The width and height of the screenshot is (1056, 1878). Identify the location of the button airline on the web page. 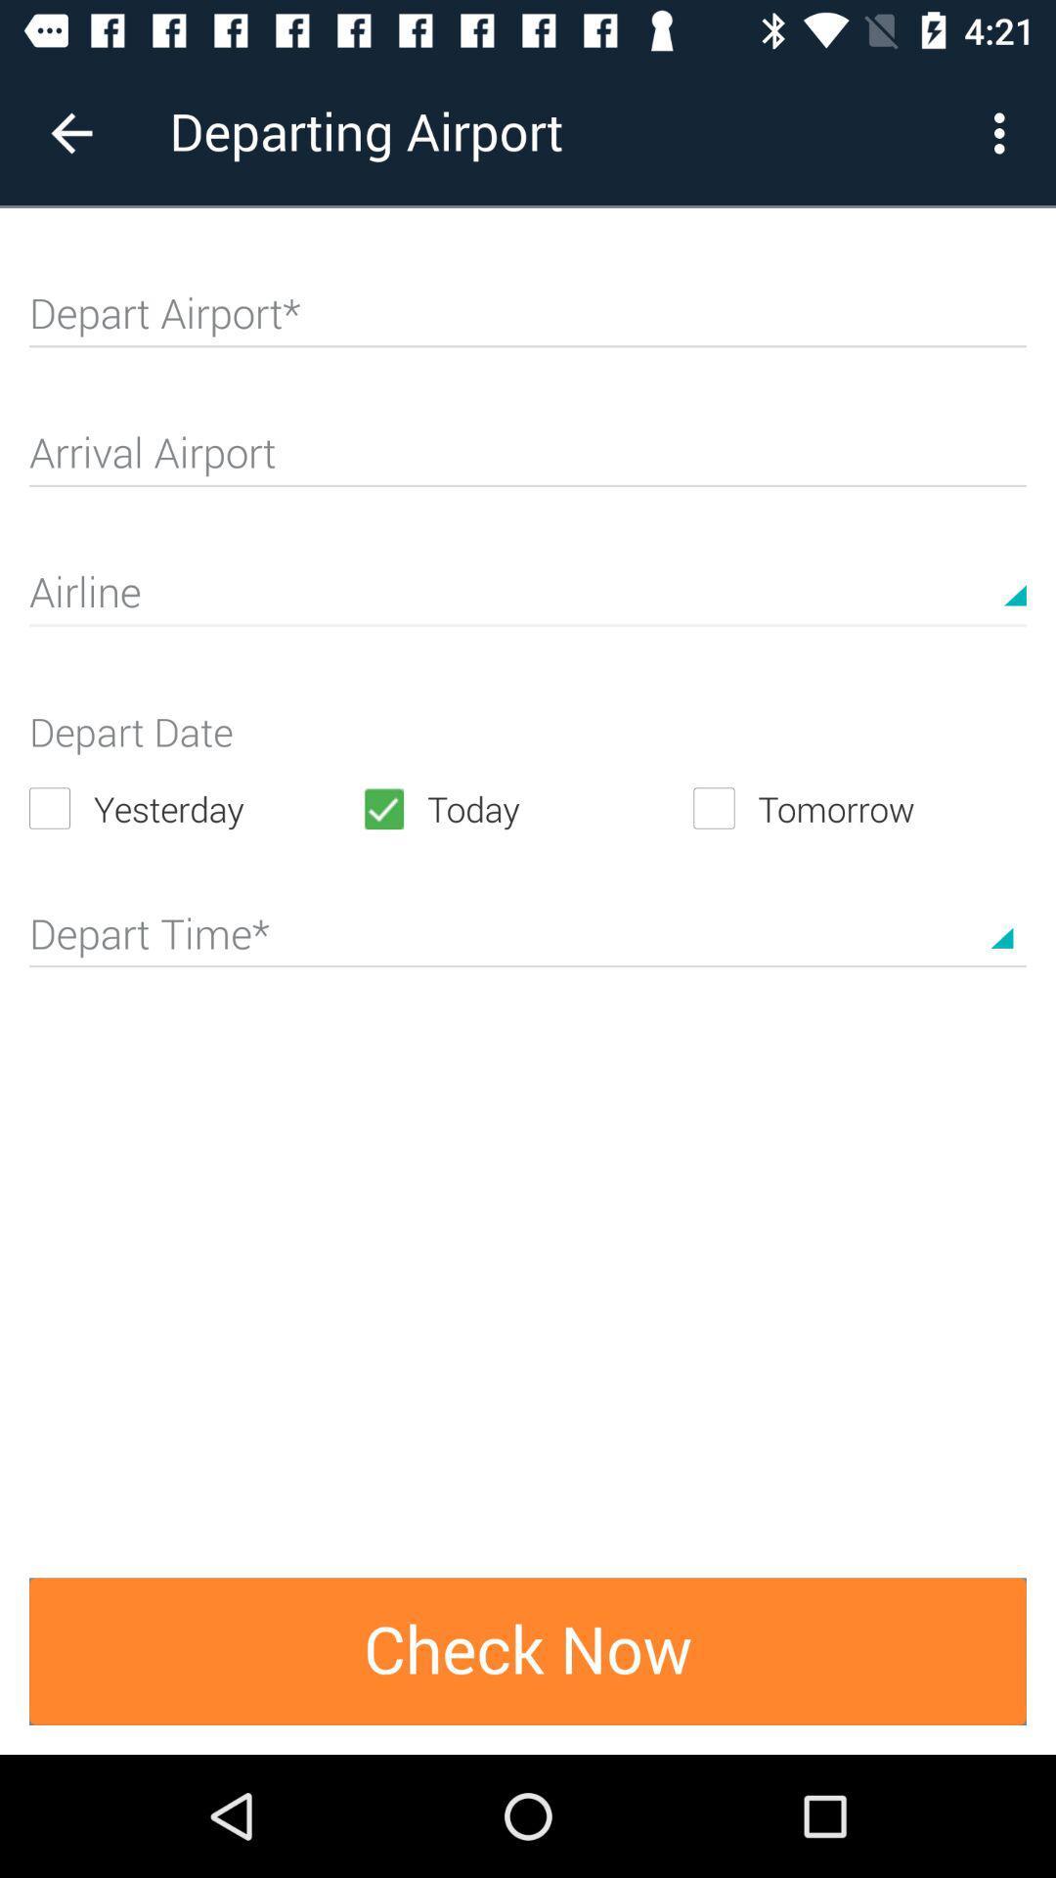
(528, 600).